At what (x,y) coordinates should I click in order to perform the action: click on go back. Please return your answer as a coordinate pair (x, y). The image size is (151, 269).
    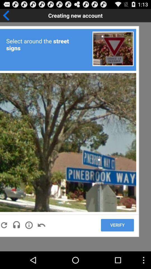
    Looking at the image, I should click on (23, 15).